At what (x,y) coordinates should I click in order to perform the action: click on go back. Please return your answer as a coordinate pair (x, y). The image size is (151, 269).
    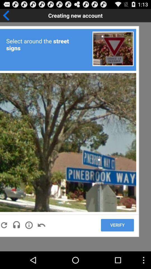
    Looking at the image, I should click on (23, 15).